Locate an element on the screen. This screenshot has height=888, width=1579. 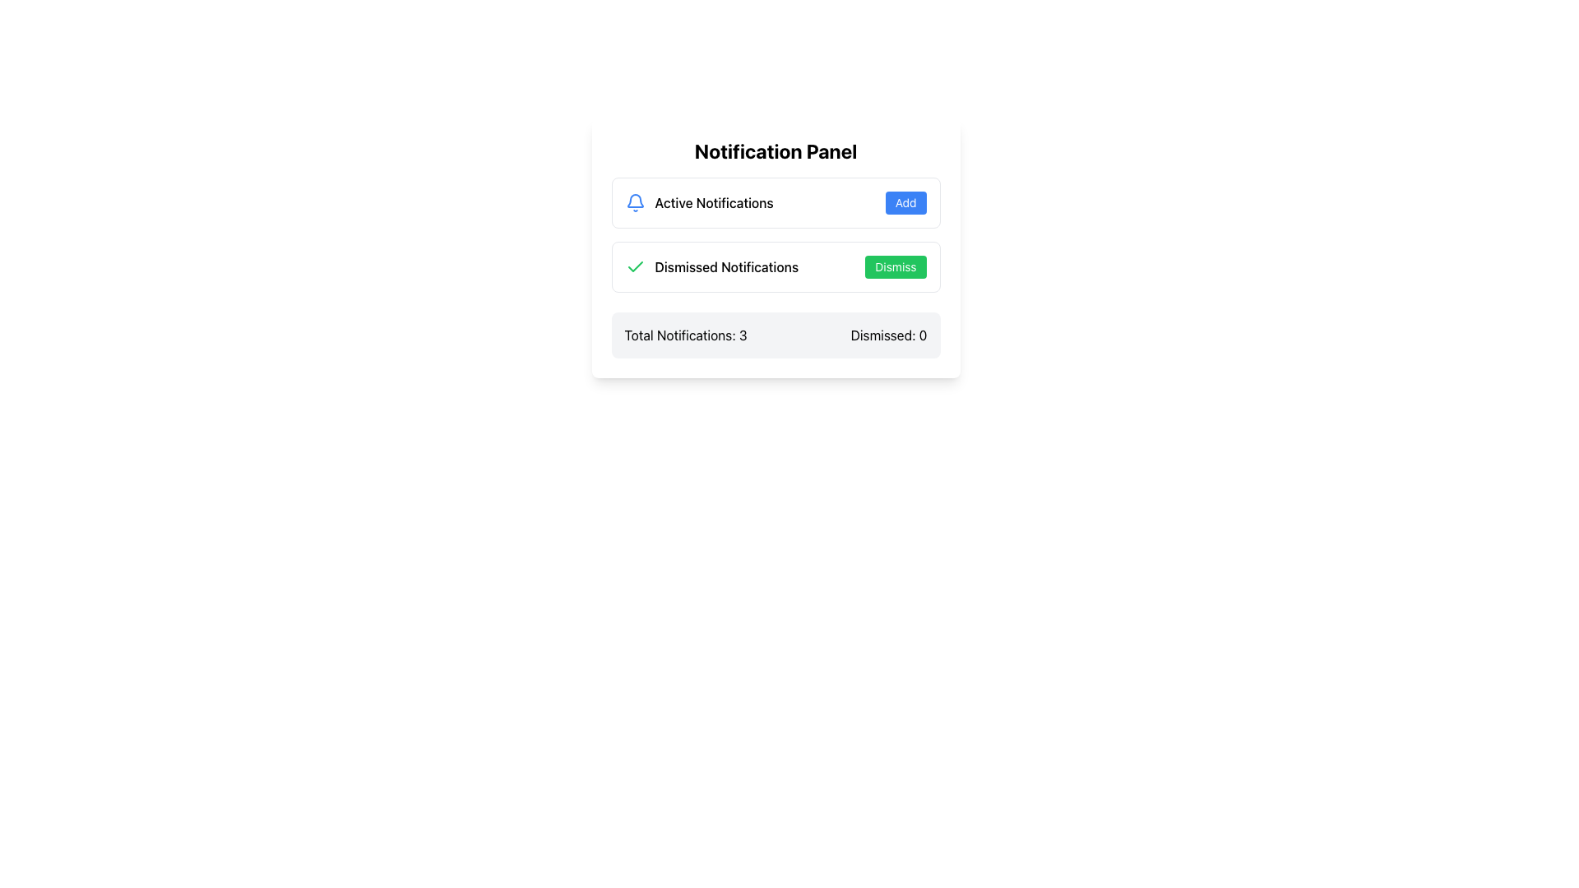
the 'Active Notifications' label with the bell icon, which is located in the upper-left quadrant of the 'Notification Panel' is located at coordinates (699, 201).